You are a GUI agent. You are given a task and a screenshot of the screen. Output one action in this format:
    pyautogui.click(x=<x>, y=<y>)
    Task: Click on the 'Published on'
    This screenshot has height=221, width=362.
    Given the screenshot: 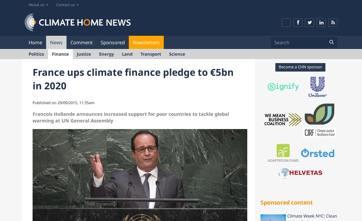 What is the action you would take?
    pyautogui.click(x=45, y=102)
    